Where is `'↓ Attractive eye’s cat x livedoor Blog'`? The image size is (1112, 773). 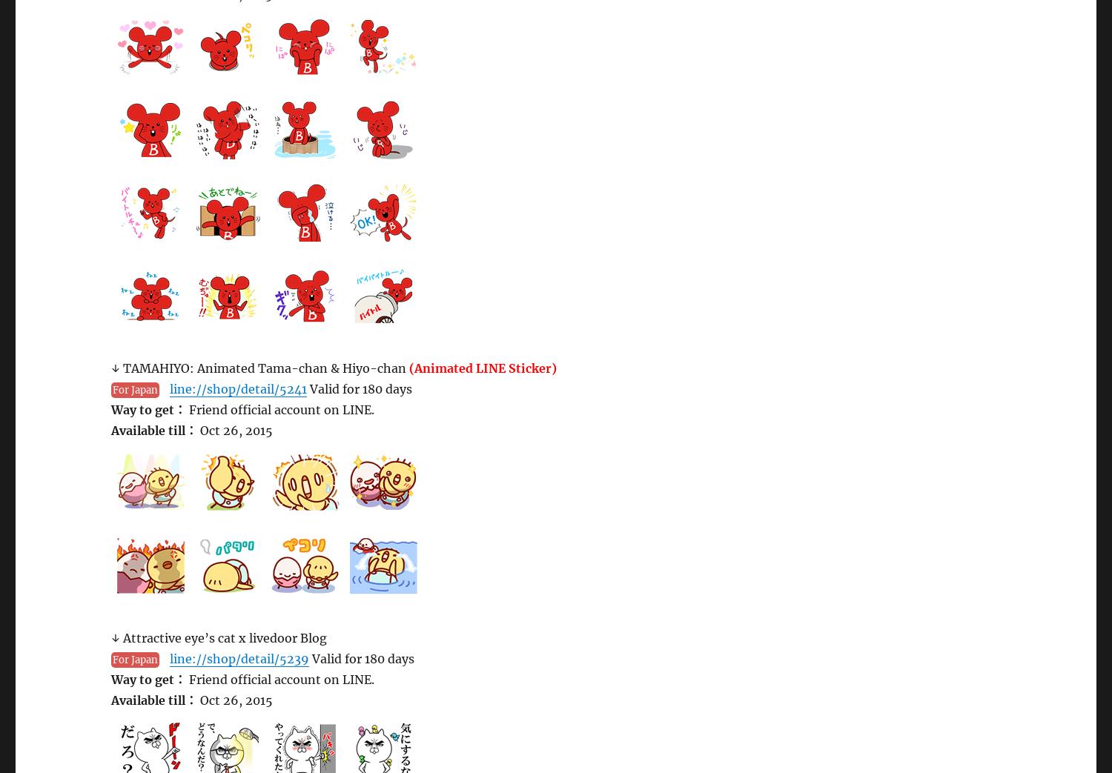
'↓ Attractive eye’s cat x livedoor Blog' is located at coordinates (219, 637).